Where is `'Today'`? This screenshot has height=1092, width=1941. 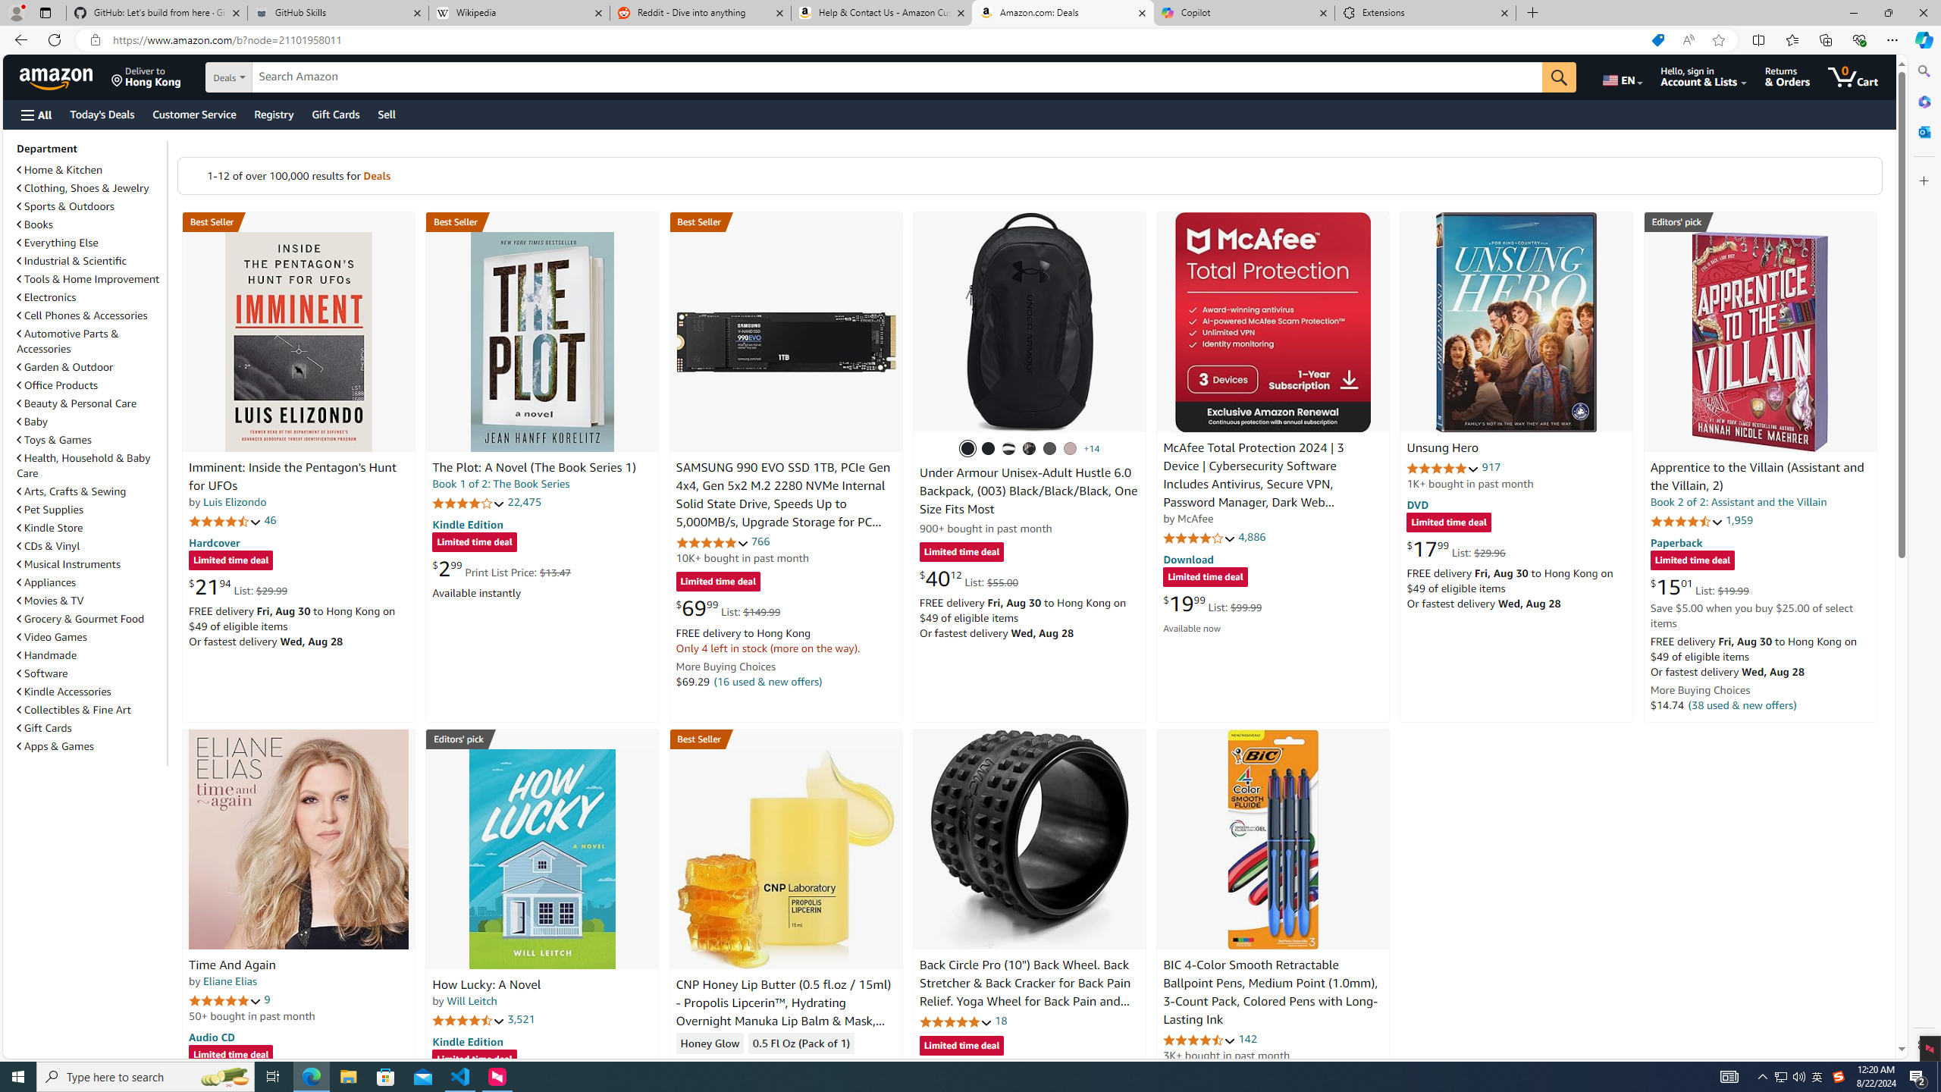 'Today' is located at coordinates (102, 114).